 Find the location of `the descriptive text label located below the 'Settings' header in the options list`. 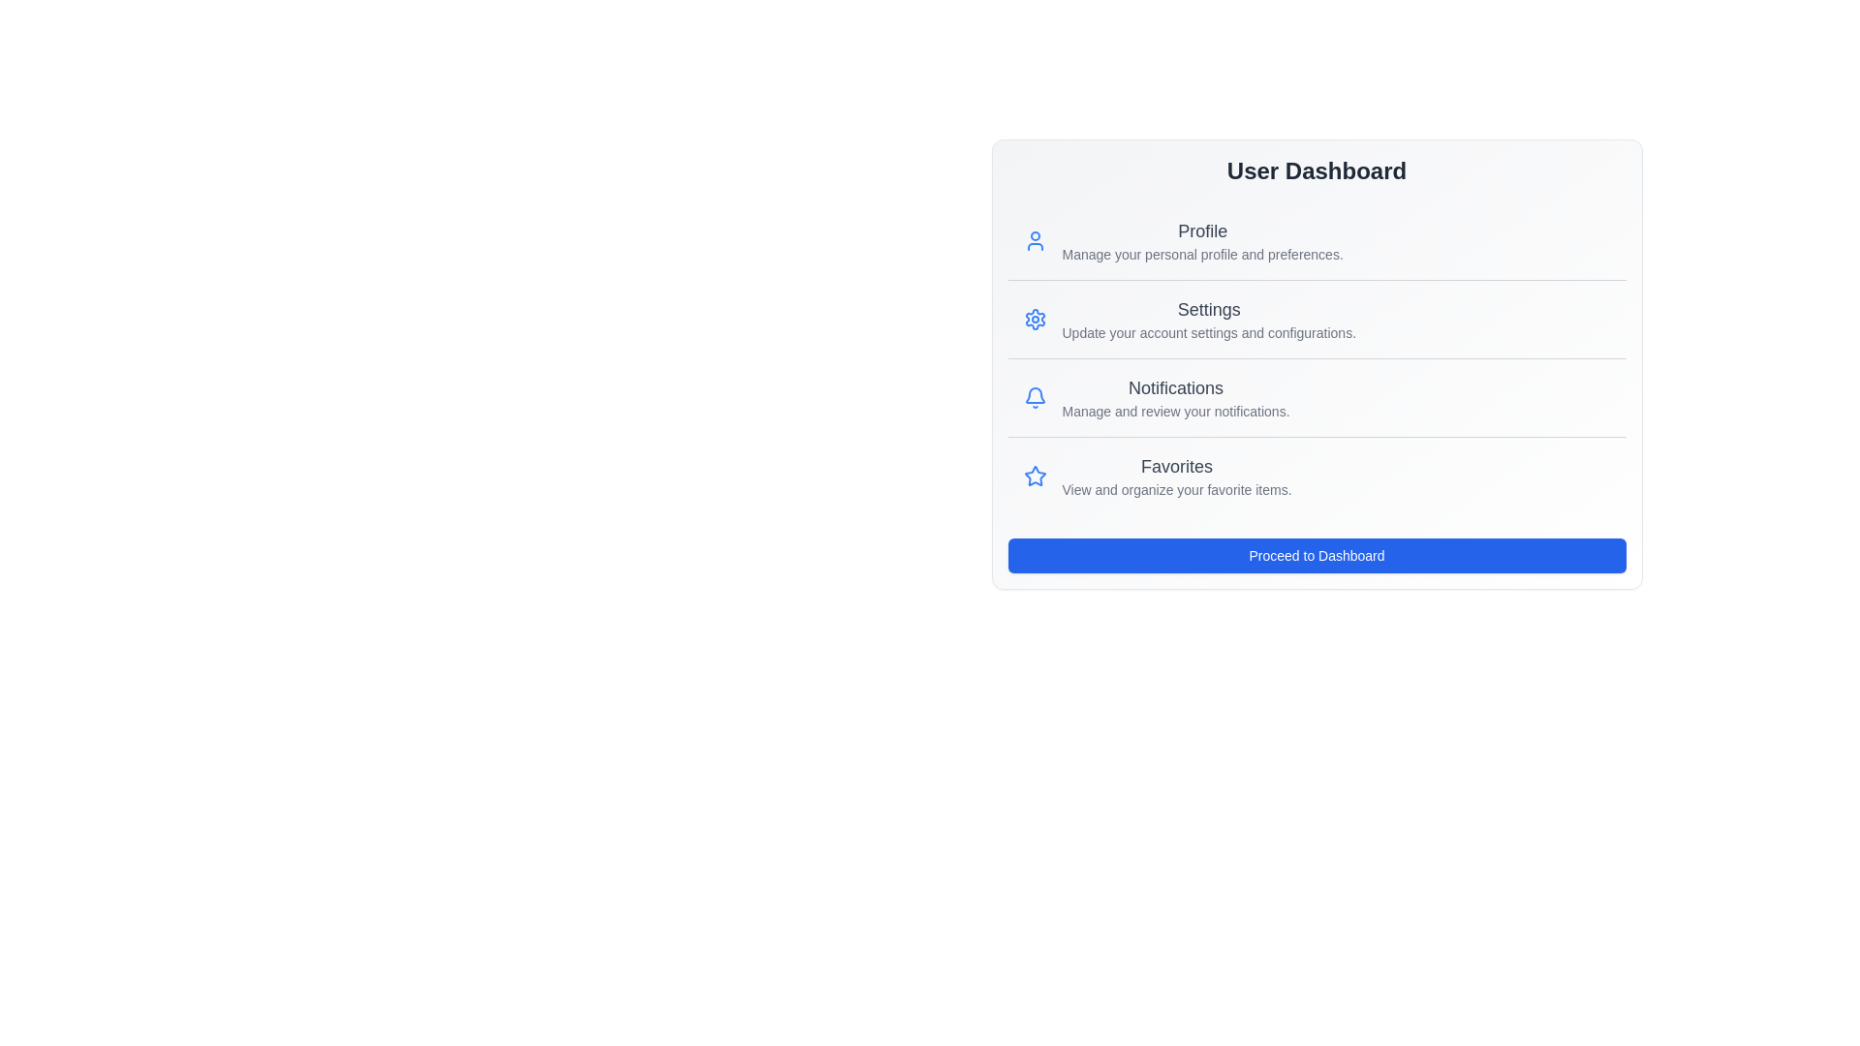

the descriptive text label located below the 'Settings' header in the options list is located at coordinates (1208, 331).